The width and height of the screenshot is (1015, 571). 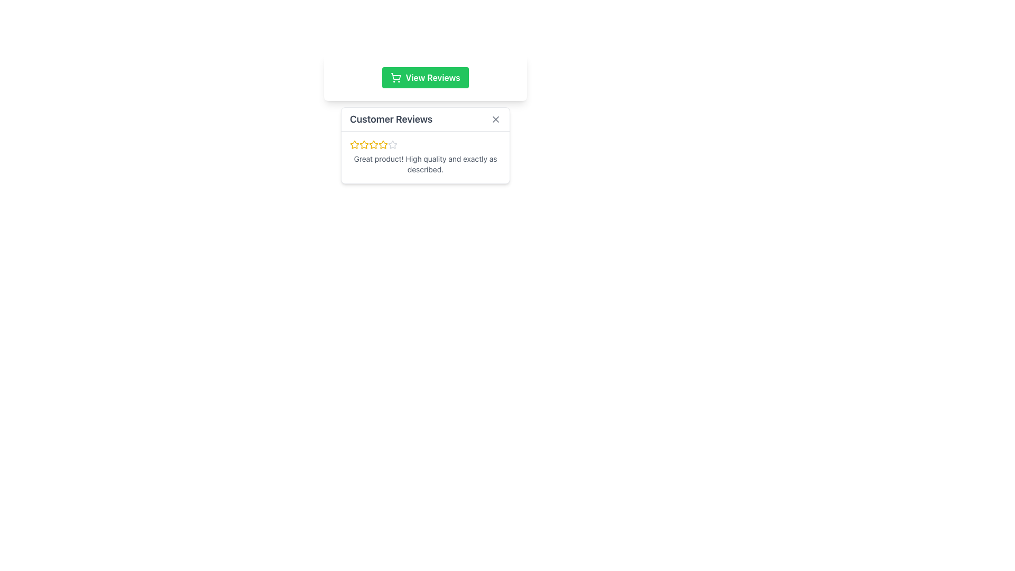 I want to click on the third star icon with a yellow outline and a hollow center in the 'Customer Reviews' section to rate it, so click(x=364, y=144).